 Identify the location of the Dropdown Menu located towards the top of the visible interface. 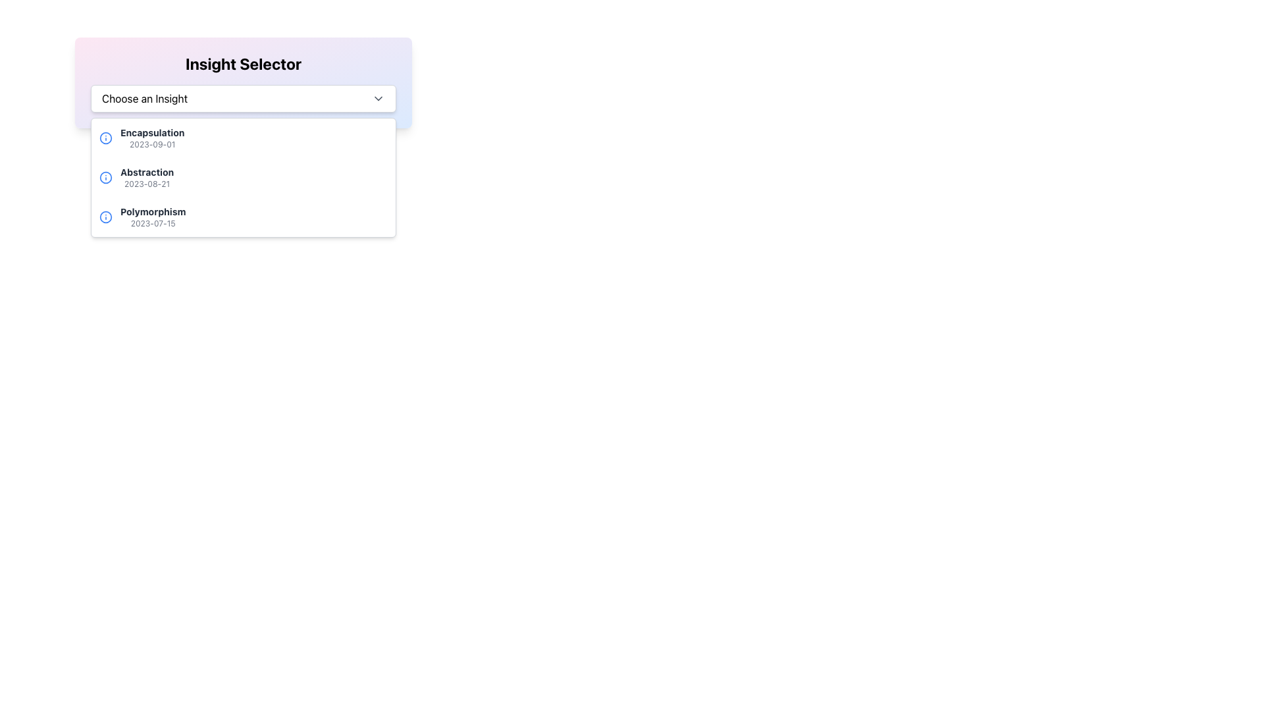
(243, 83).